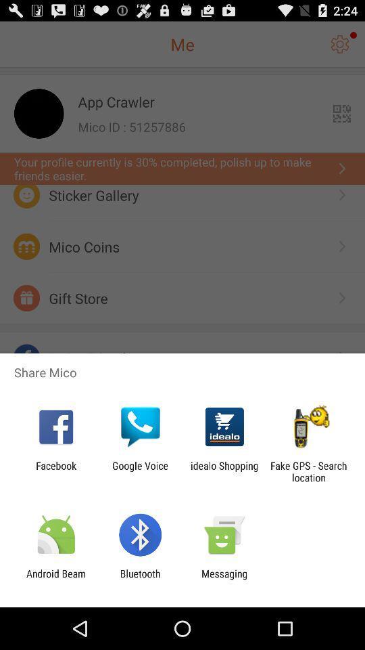 This screenshot has width=365, height=650. What do you see at coordinates (55, 579) in the screenshot?
I see `the item next to the bluetooth app` at bounding box center [55, 579].